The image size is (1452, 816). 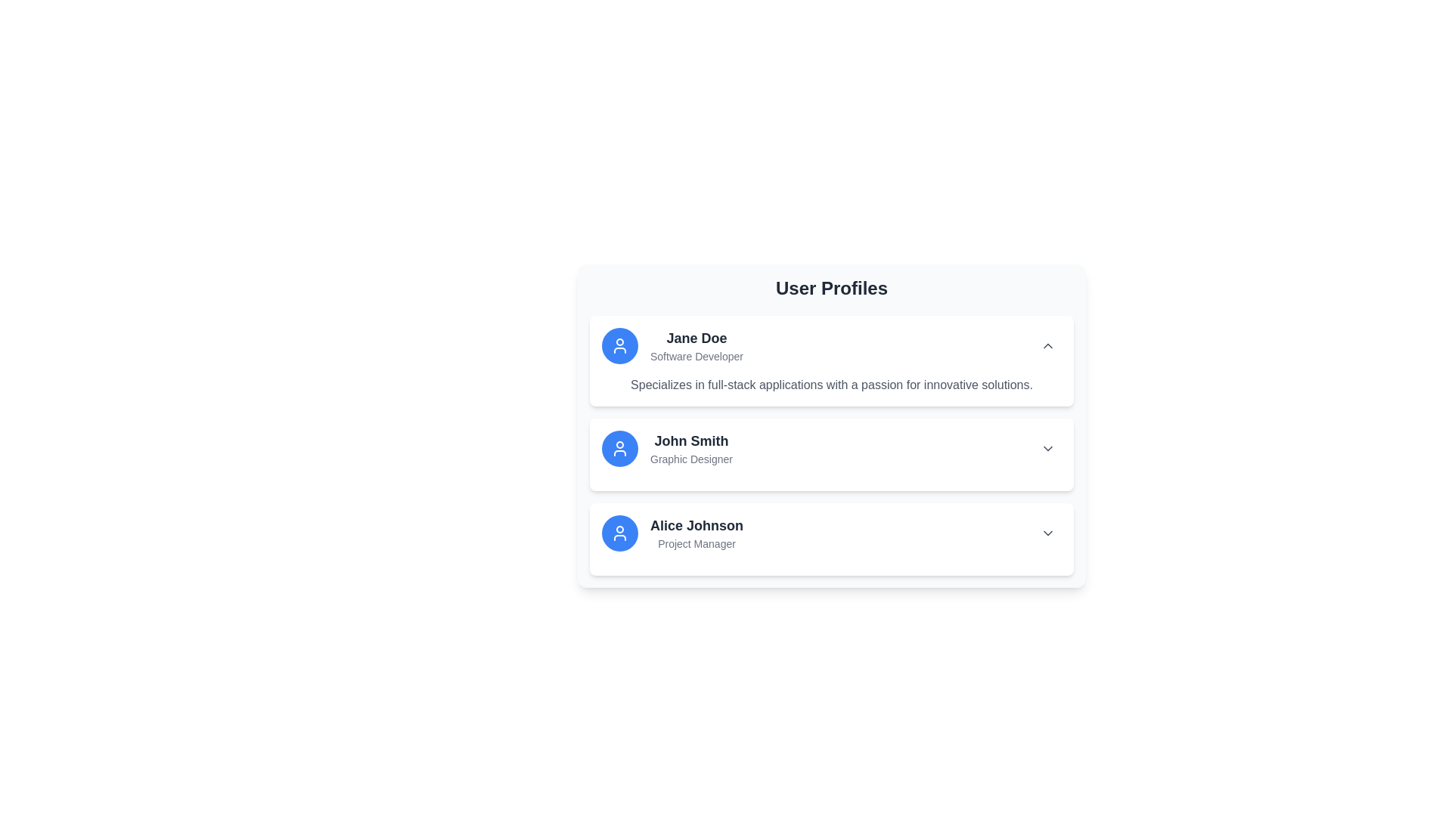 I want to click on the Avatar Icon, which is a circular icon with a blue background and white user silhouette, located to the left of the 'John Smith' profile section in the 'User Profiles' panel, so click(x=620, y=448).